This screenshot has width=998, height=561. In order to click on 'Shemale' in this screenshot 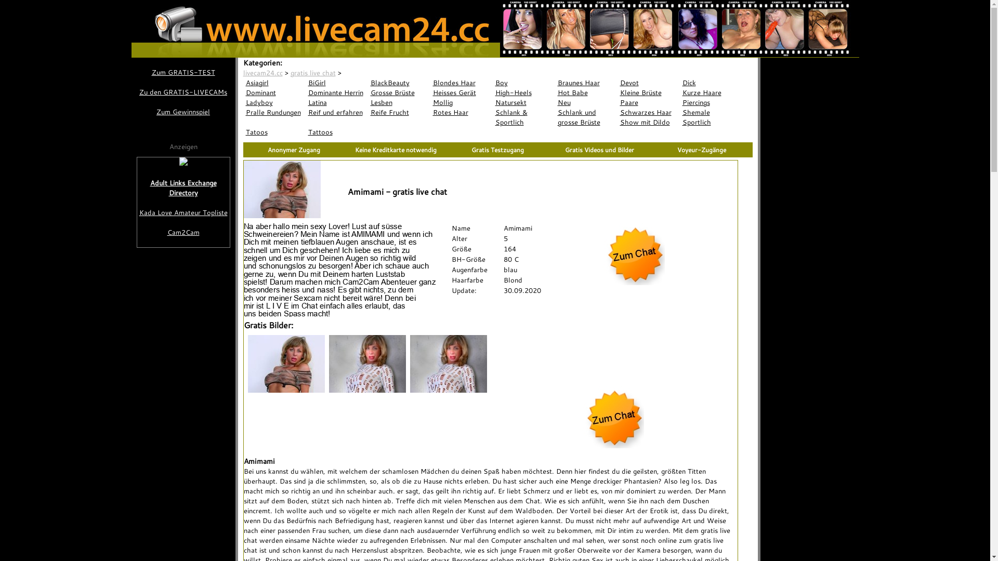, I will do `click(680, 112)`.